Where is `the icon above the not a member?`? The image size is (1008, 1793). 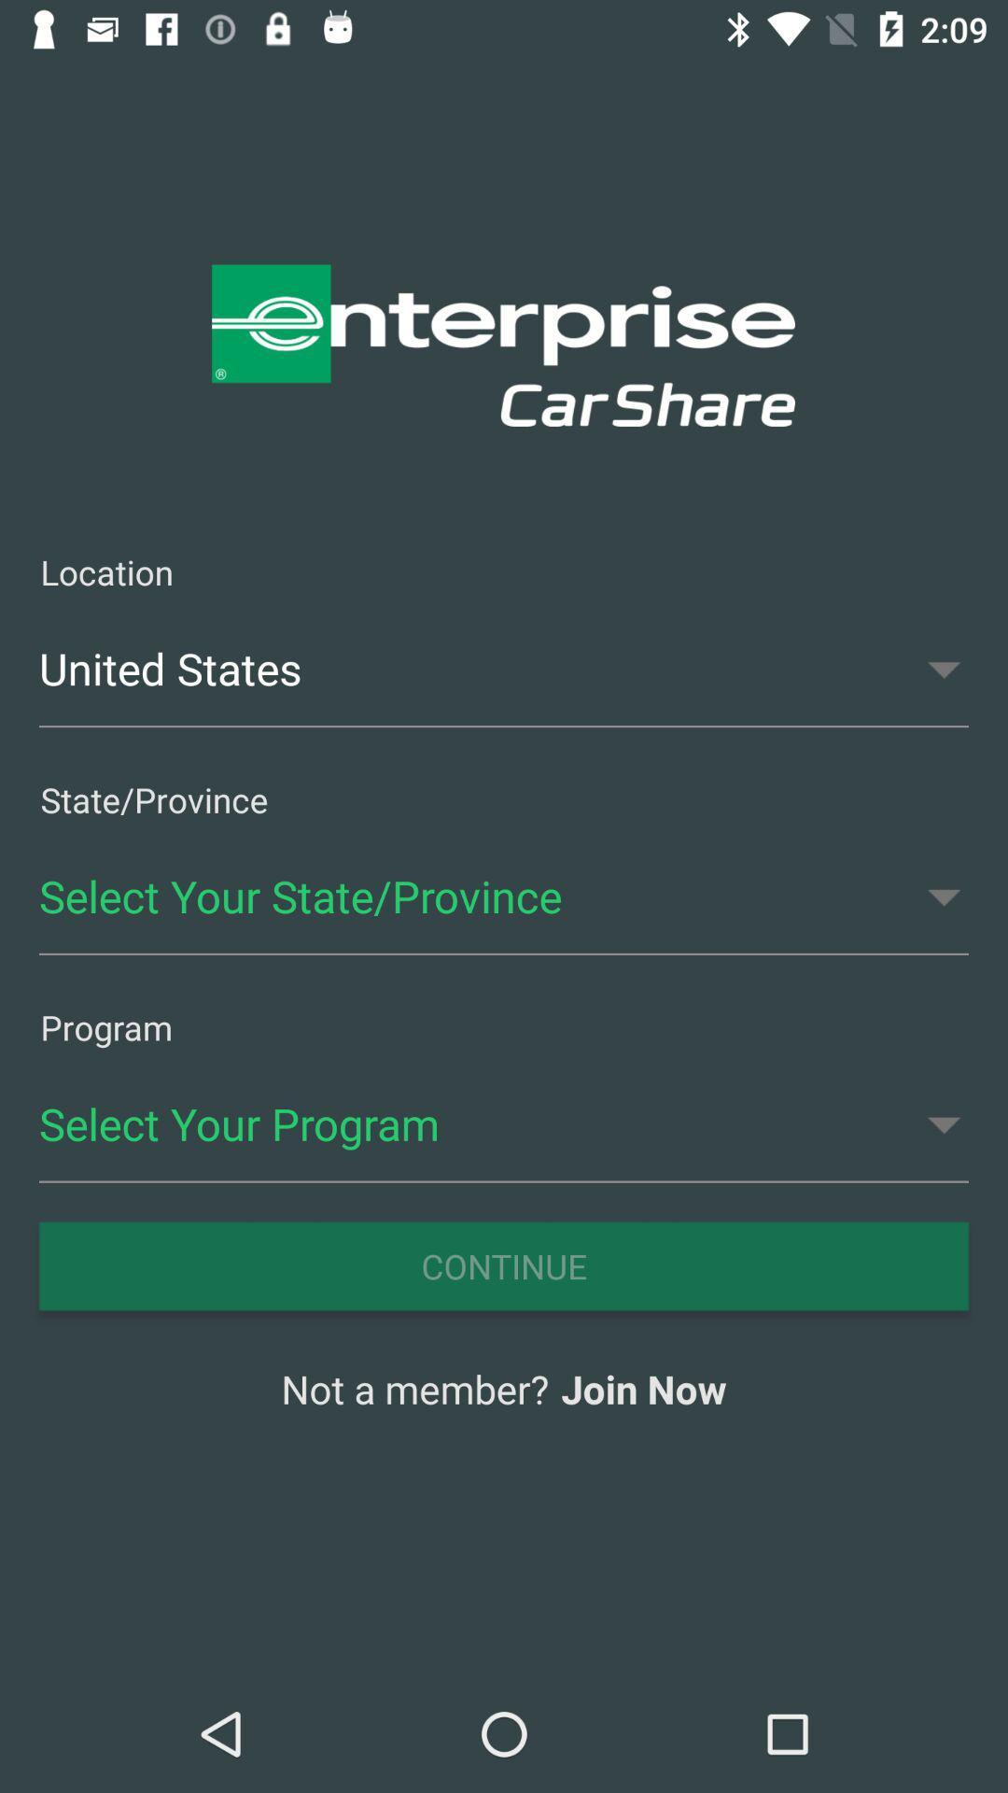
the icon above the not a member? is located at coordinates (504, 1265).